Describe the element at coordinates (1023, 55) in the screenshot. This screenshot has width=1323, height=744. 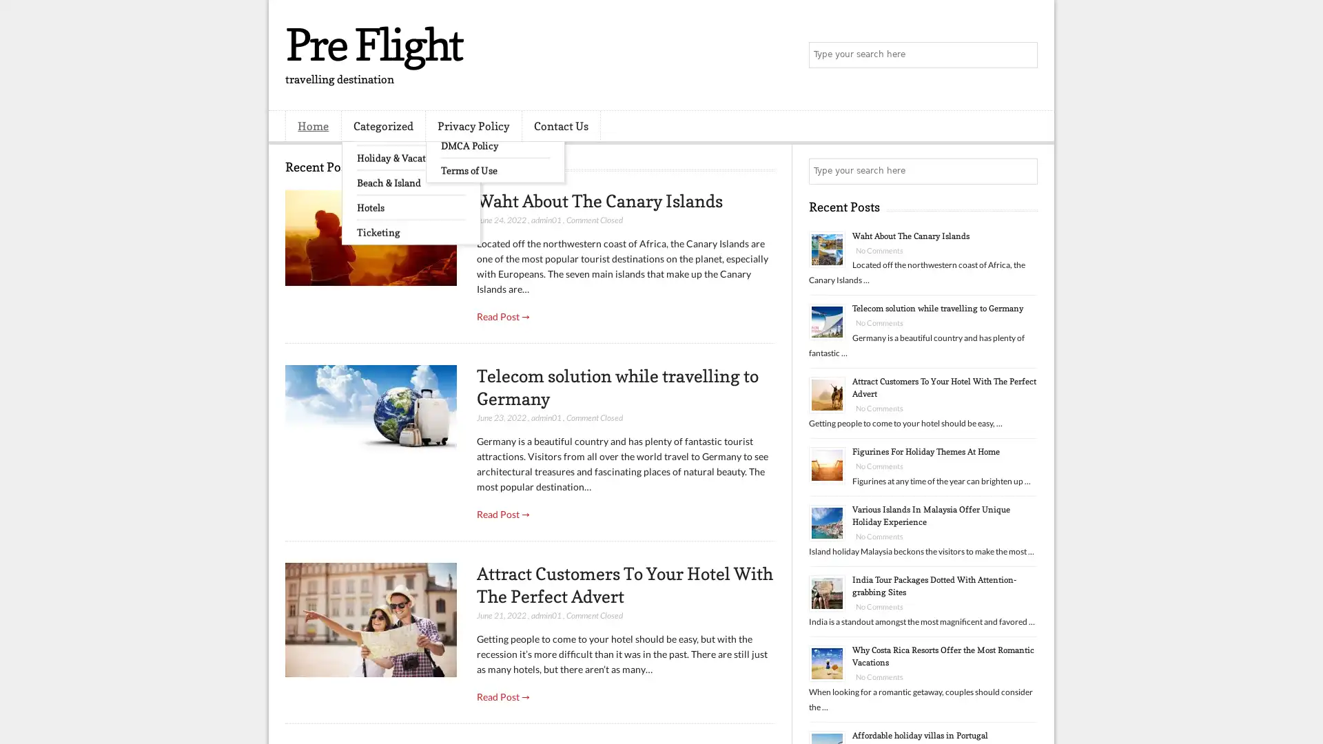
I see `Search` at that location.